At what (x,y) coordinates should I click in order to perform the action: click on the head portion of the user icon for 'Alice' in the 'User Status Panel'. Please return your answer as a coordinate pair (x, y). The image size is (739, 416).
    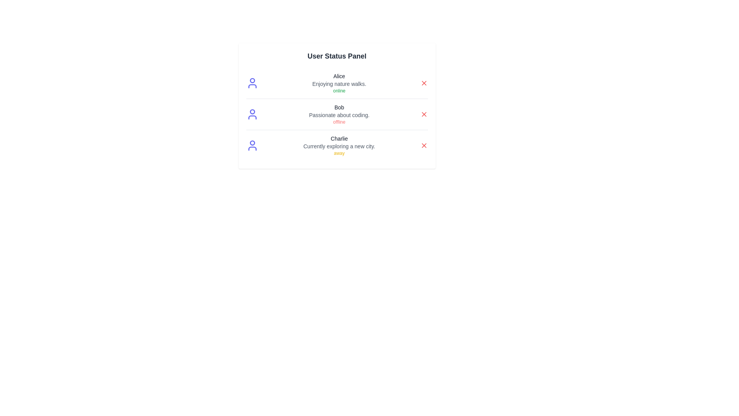
    Looking at the image, I should click on (252, 81).